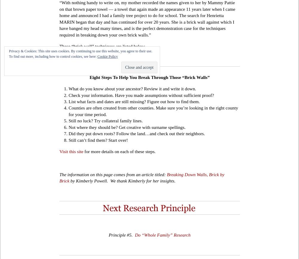 The height and width of the screenshot is (259, 299). I want to click on 'Counties are often created from other counties. Make sure you’re looking in the right county for your time period.', so click(153, 110).